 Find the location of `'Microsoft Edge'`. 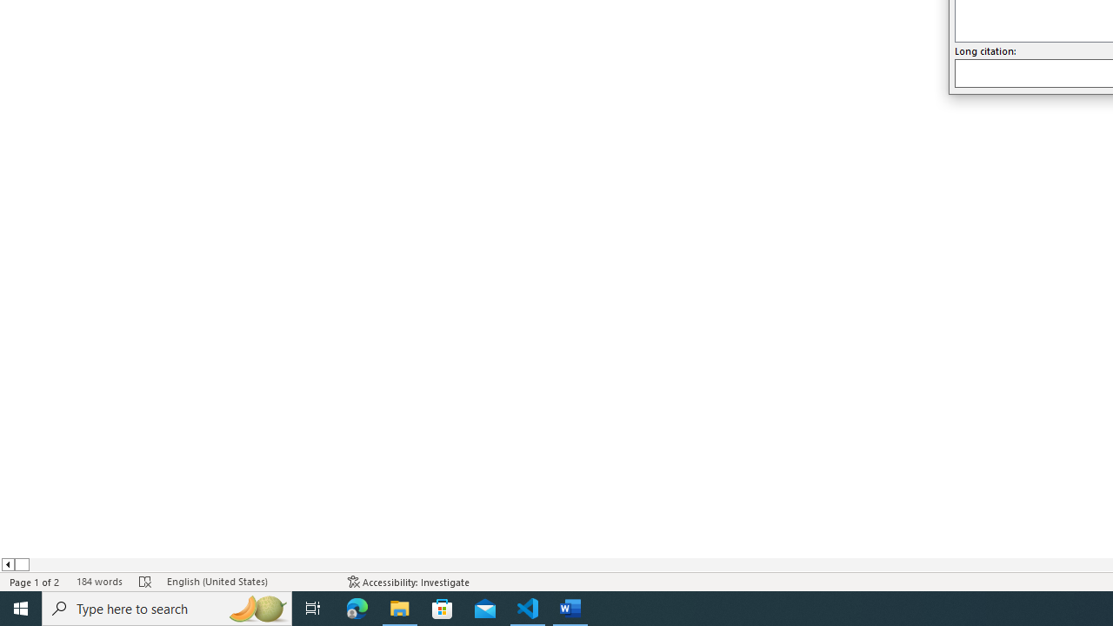

'Microsoft Edge' is located at coordinates (357, 607).